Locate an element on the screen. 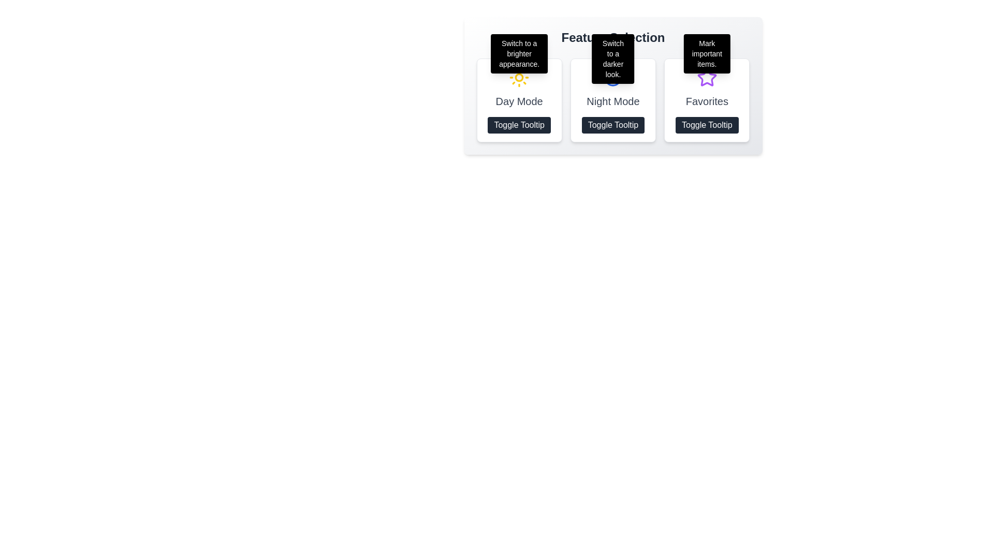  the circular blue icon with a crescent moon shape located in the 'Night Mode' section, which is positioned above the 'Toggle Tooltip' text is located at coordinates (613, 77).